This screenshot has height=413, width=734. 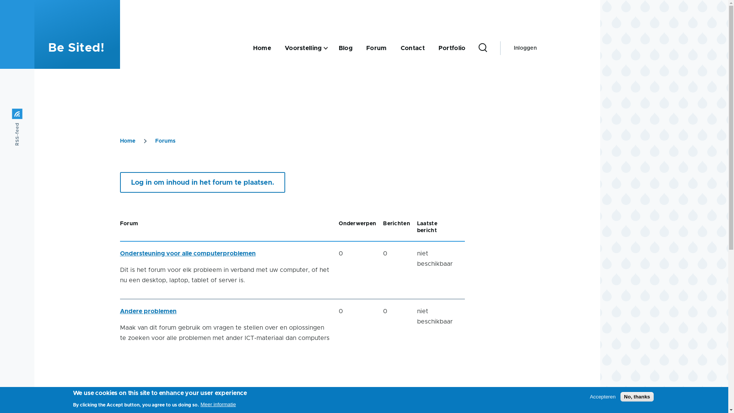 I want to click on 'Andere problemen', so click(x=148, y=311).